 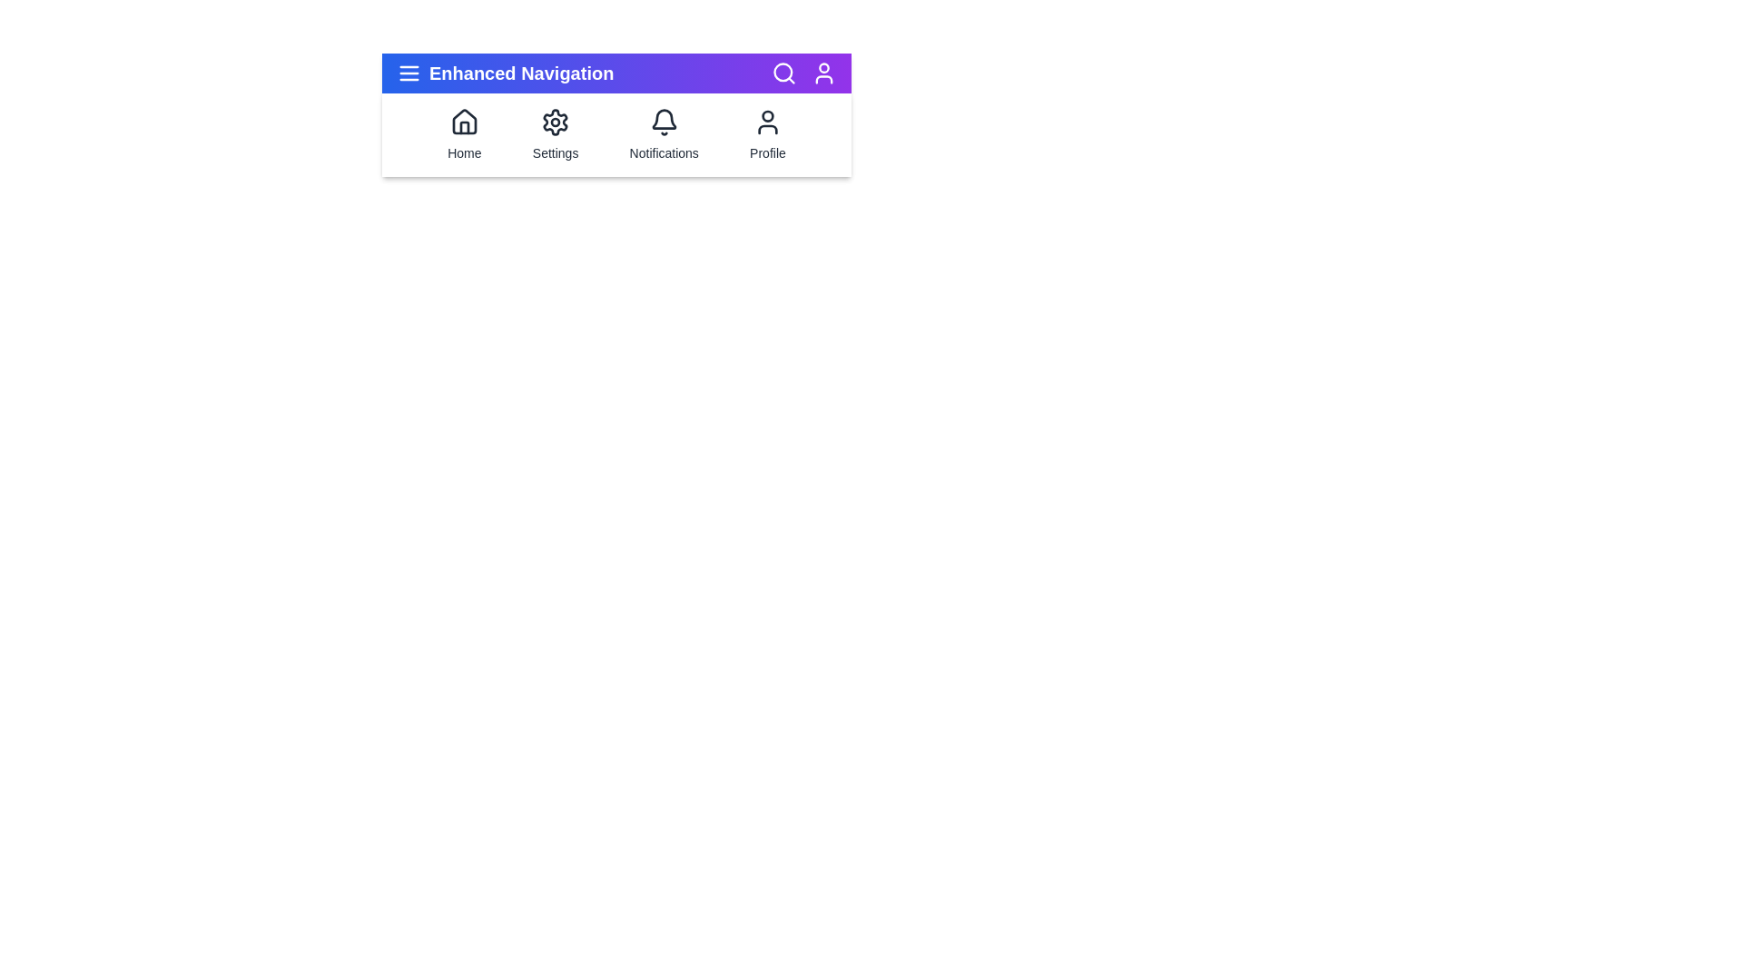 What do you see at coordinates (409, 73) in the screenshot?
I see `the menu icon to toggle the menu visibility` at bounding box center [409, 73].